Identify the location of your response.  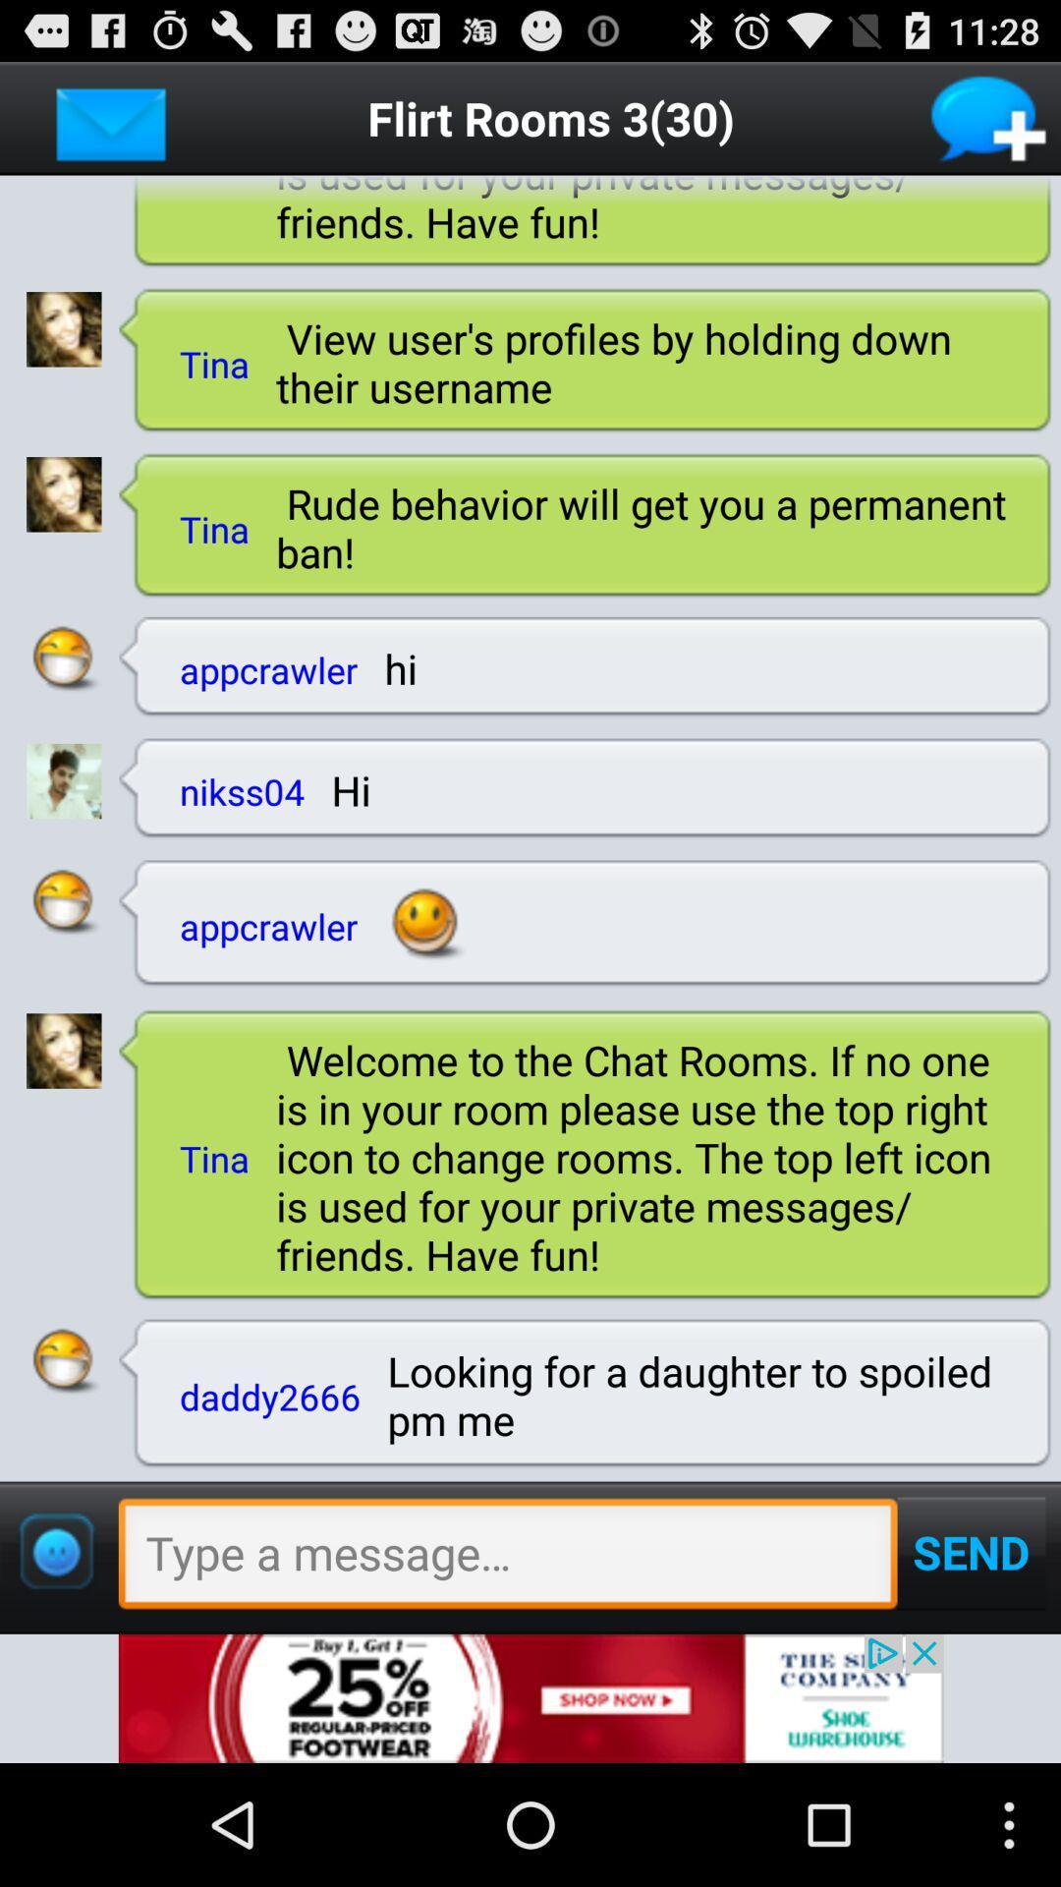
(507, 1558).